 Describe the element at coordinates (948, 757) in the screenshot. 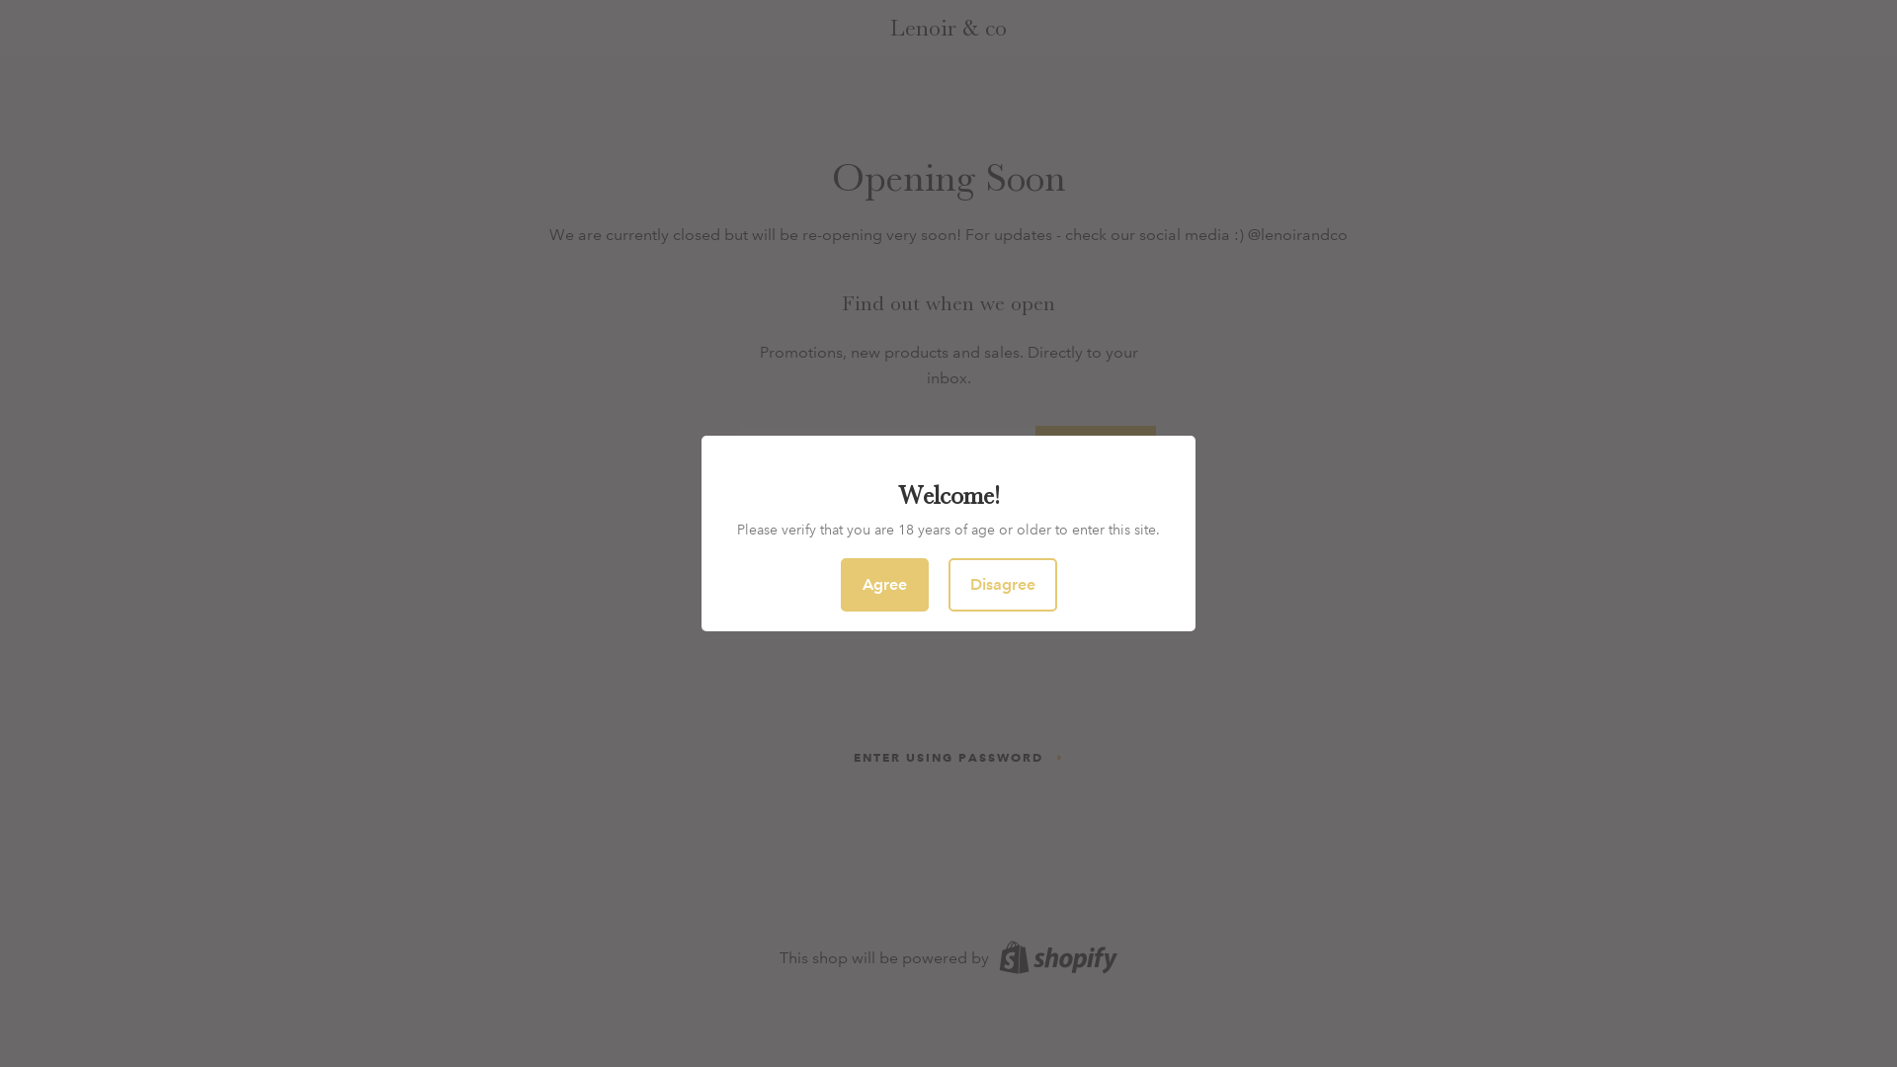

I see `'ENTER USING PASSWORD'` at that location.